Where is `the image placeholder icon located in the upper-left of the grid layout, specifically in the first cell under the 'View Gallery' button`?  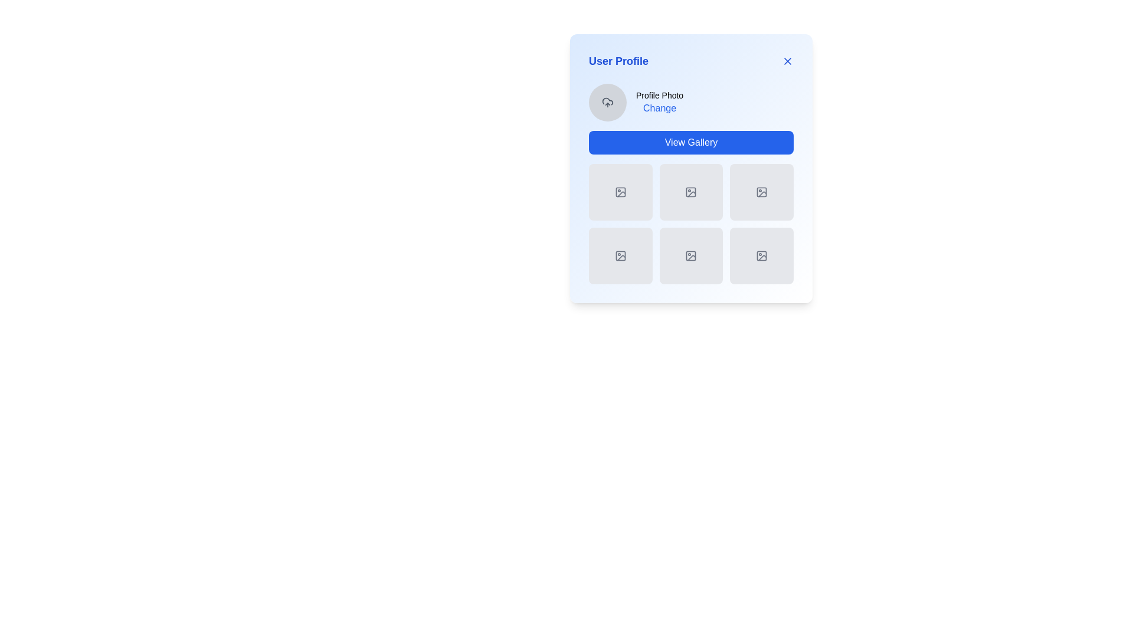 the image placeholder icon located in the upper-left of the grid layout, specifically in the first cell under the 'View Gallery' button is located at coordinates (620, 192).